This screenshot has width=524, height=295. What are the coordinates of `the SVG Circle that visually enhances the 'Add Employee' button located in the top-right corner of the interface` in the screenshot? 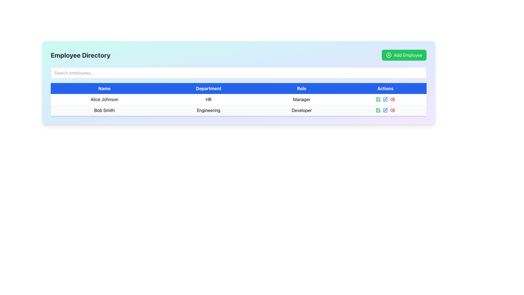 It's located at (389, 55).